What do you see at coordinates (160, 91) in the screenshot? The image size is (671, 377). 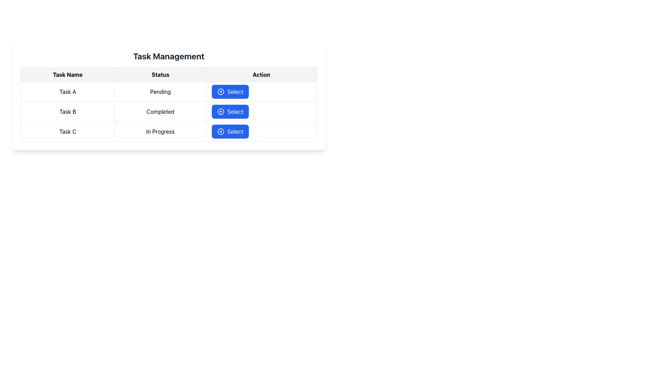 I see `the rectangular box containing the text 'Pending' in the 'Status' column of the table, aligned with 'Task A'` at bounding box center [160, 91].